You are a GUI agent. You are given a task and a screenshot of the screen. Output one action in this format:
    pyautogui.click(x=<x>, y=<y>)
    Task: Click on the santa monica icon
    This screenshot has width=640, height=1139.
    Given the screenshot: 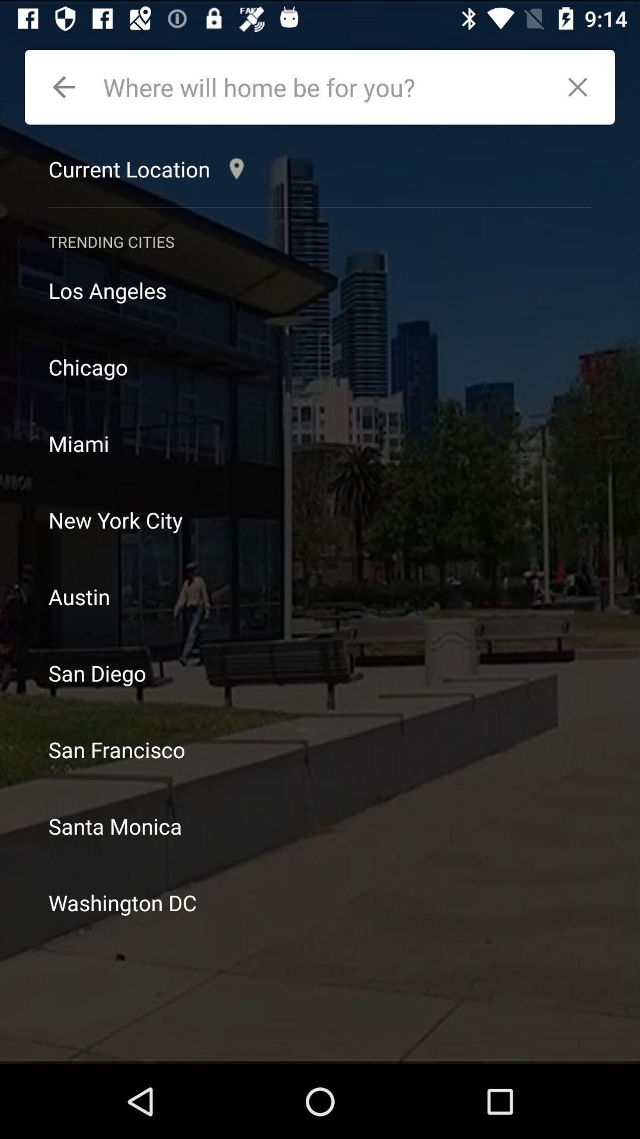 What is the action you would take?
    pyautogui.click(x=320, y=825)
    